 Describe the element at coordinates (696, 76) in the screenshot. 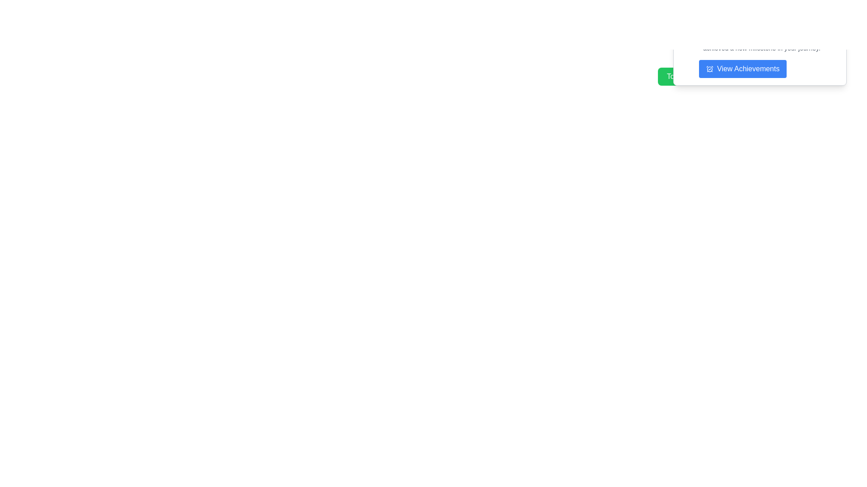

I see `the green 'Toggle Celebration' button with white text, located to the left of the 'View Achievements' button in the bottom section of the celebratory alert component` at that location.